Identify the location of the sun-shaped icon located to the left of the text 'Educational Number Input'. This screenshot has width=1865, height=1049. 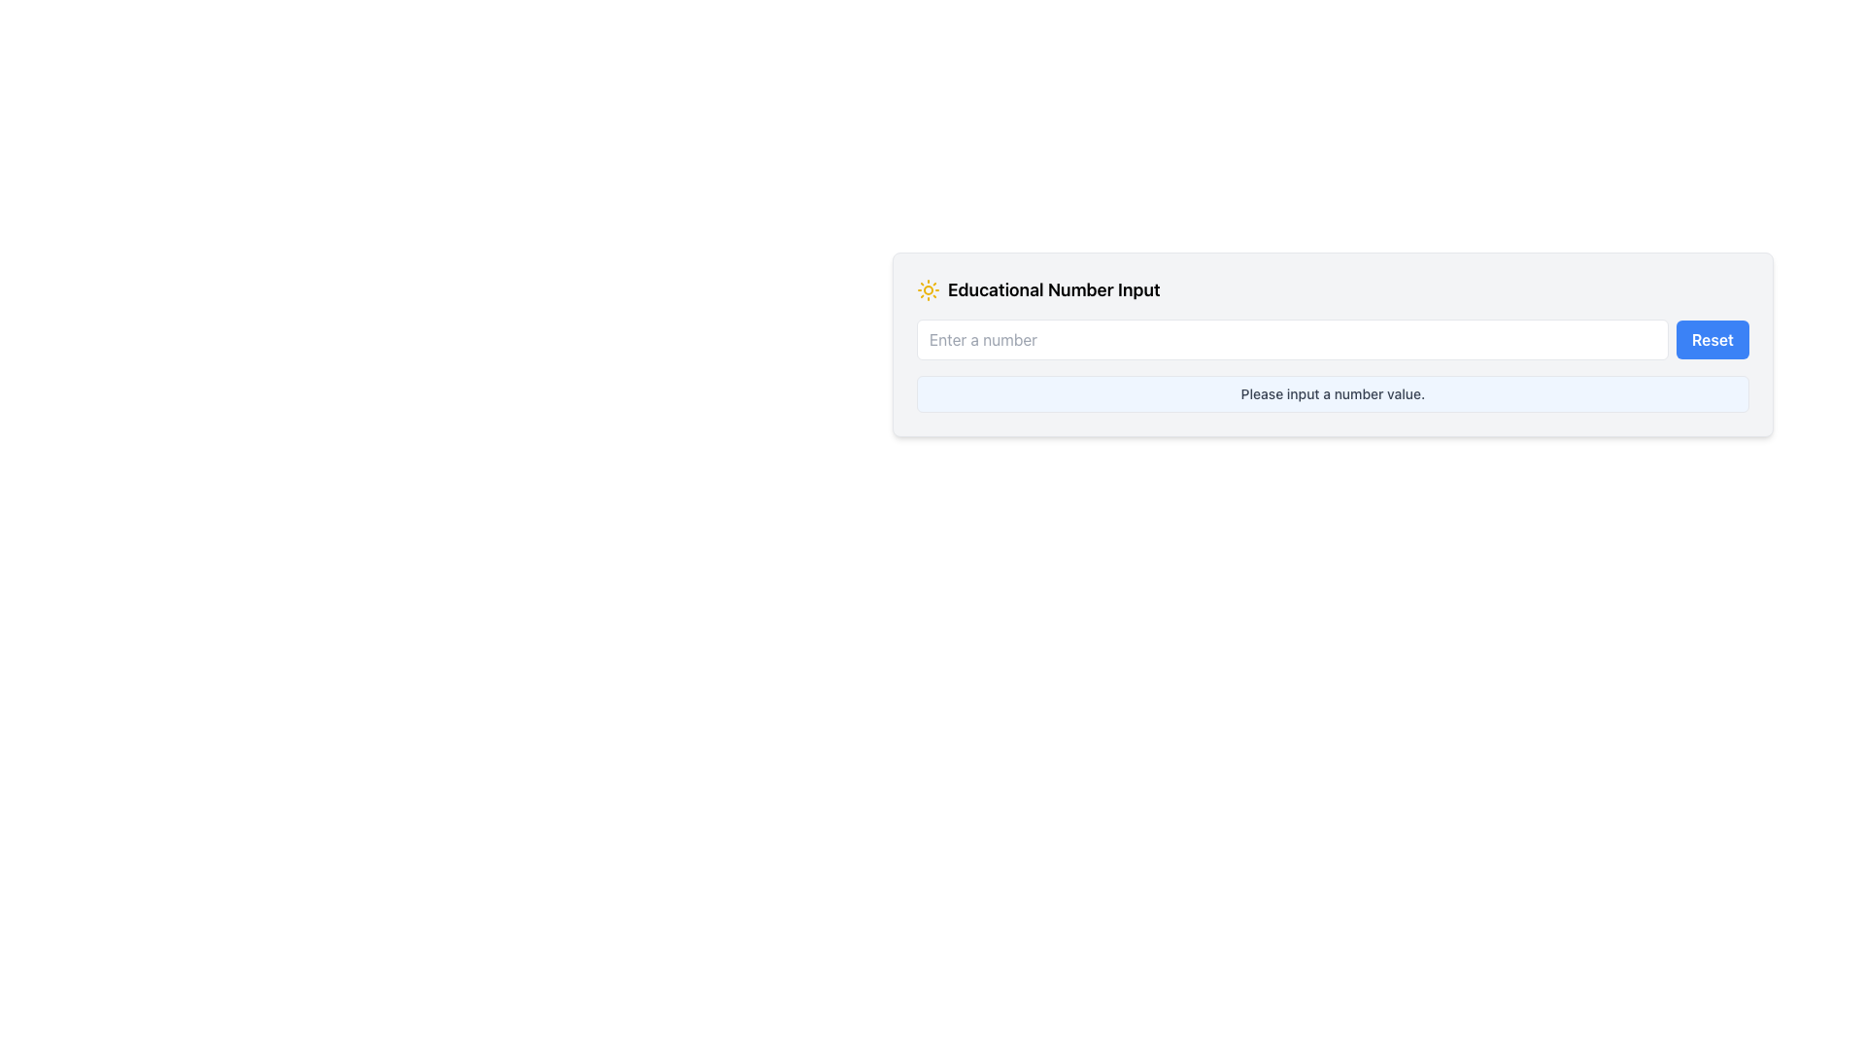
(927, 290).